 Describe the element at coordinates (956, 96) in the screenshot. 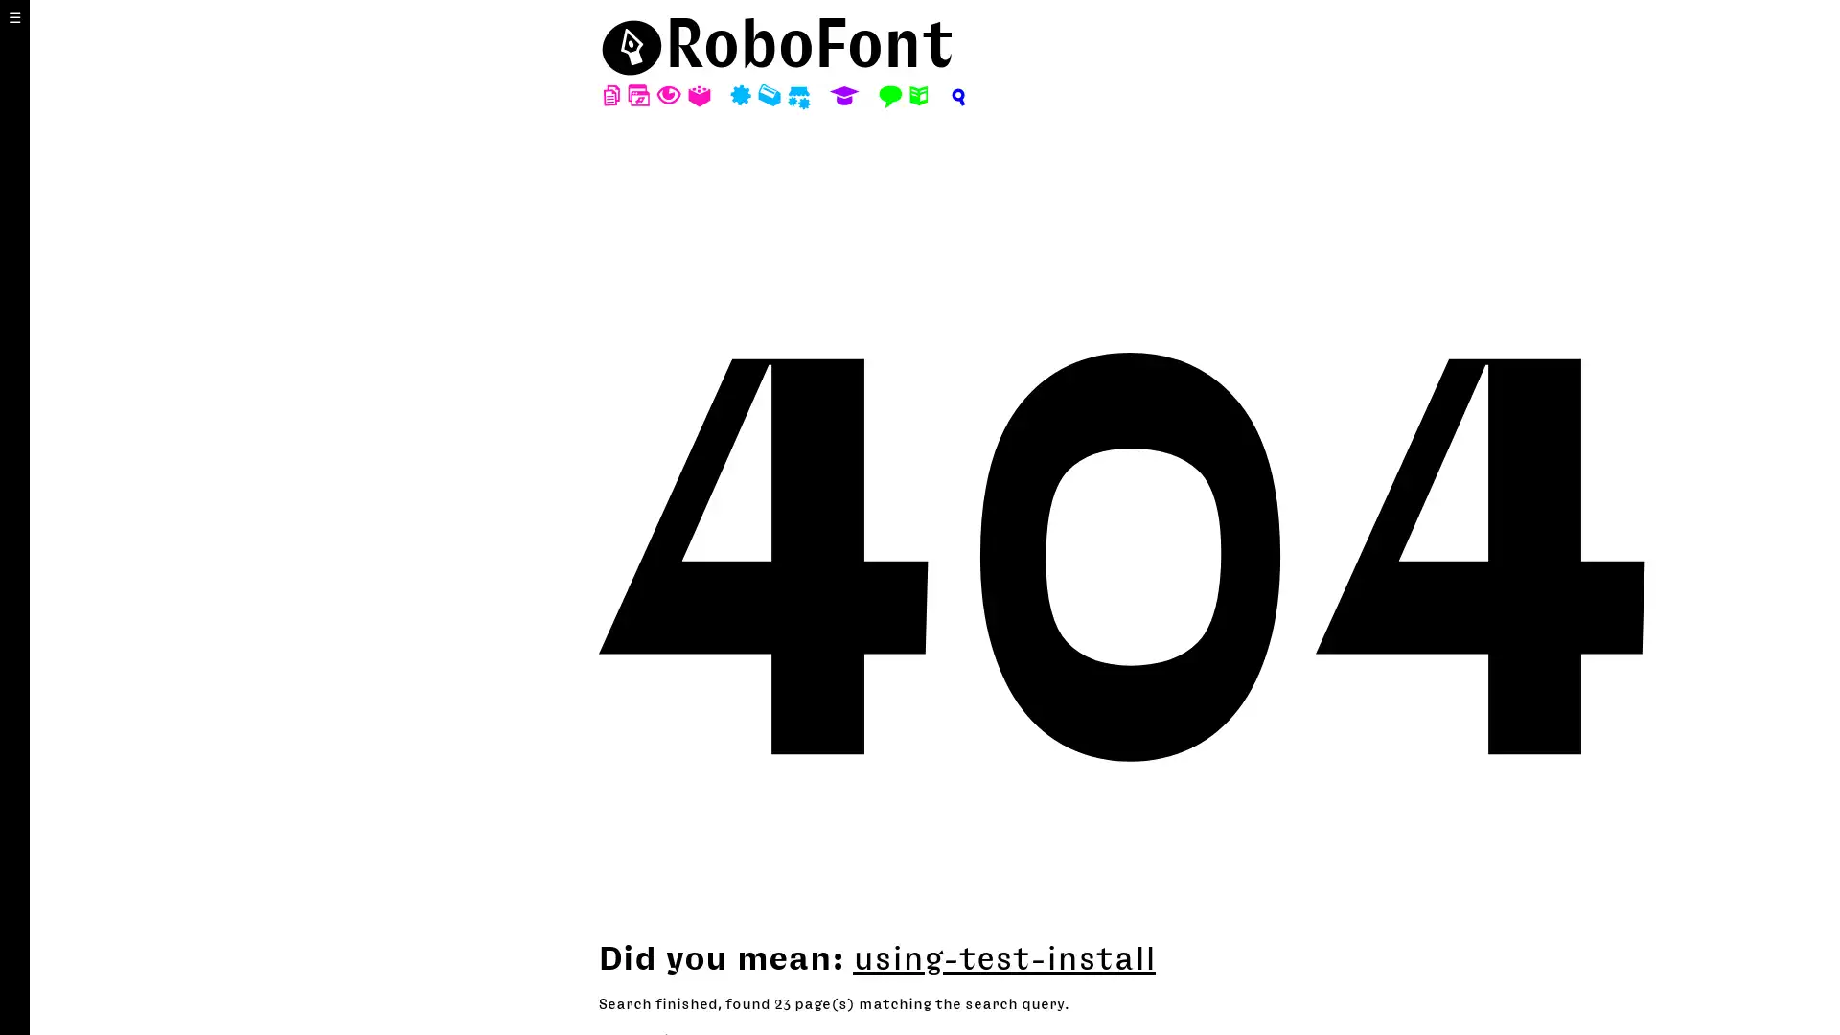

I see `?` at that location.